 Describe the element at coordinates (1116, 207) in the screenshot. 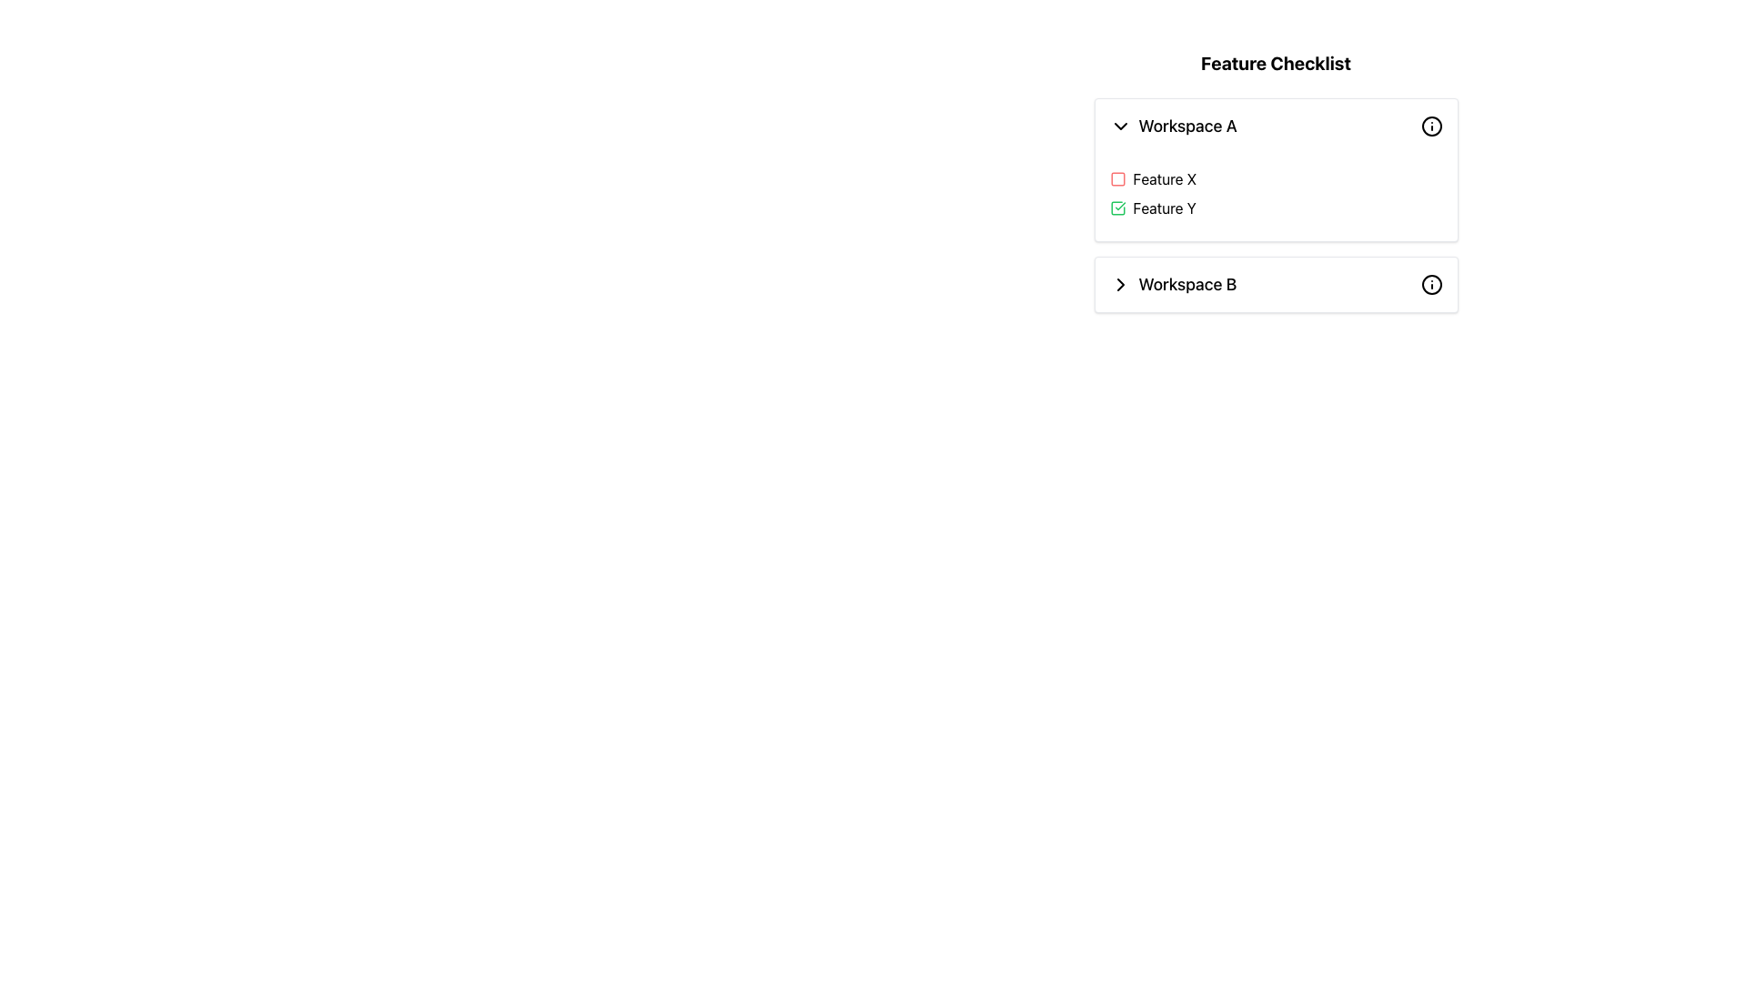

I see `the green checkmark icon of the Checkbox next to 'Feature Y'` at that location.